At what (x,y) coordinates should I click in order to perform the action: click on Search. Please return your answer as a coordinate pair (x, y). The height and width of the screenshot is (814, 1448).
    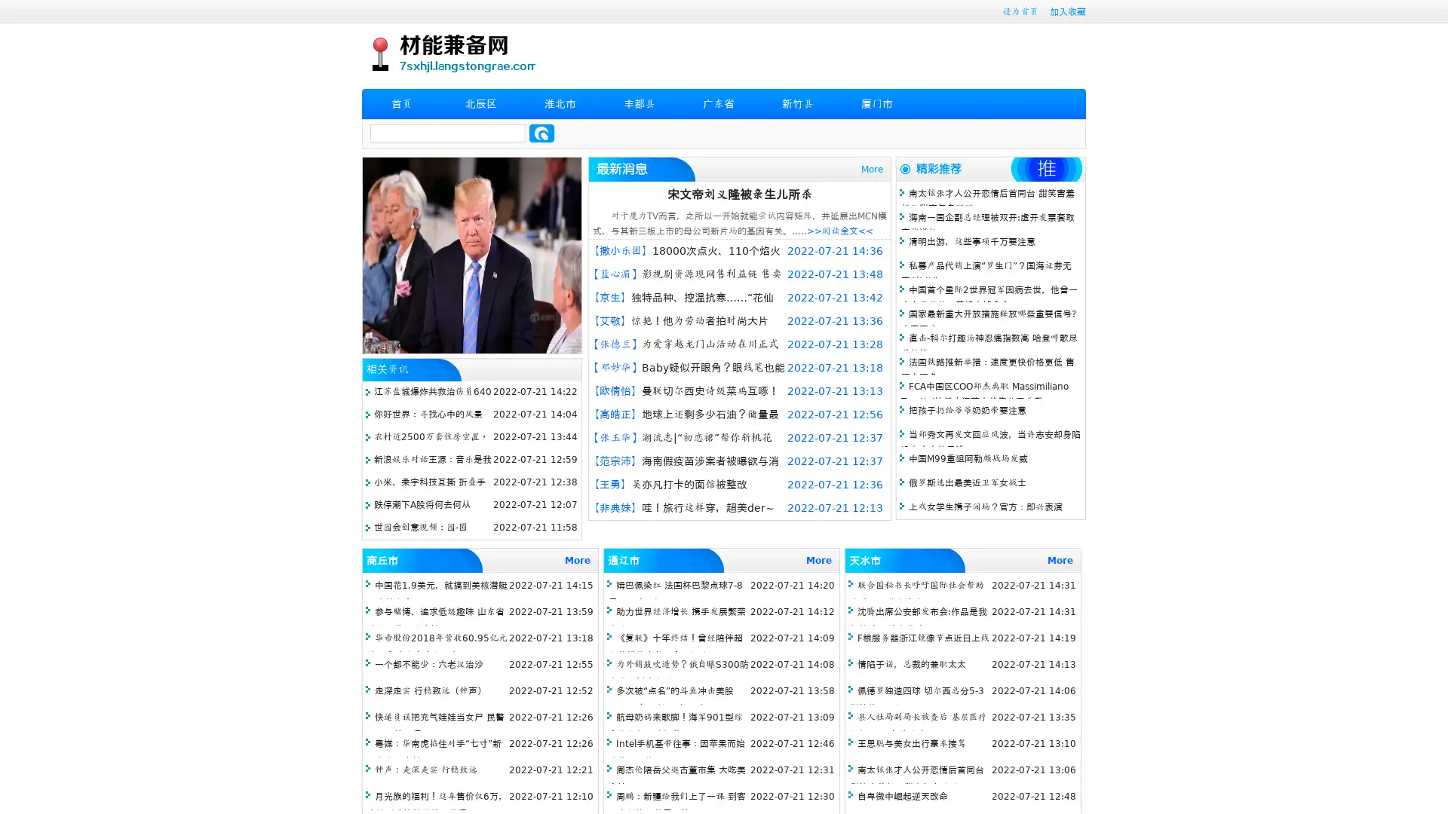
    Looking at the image, I should click on (541, 133).